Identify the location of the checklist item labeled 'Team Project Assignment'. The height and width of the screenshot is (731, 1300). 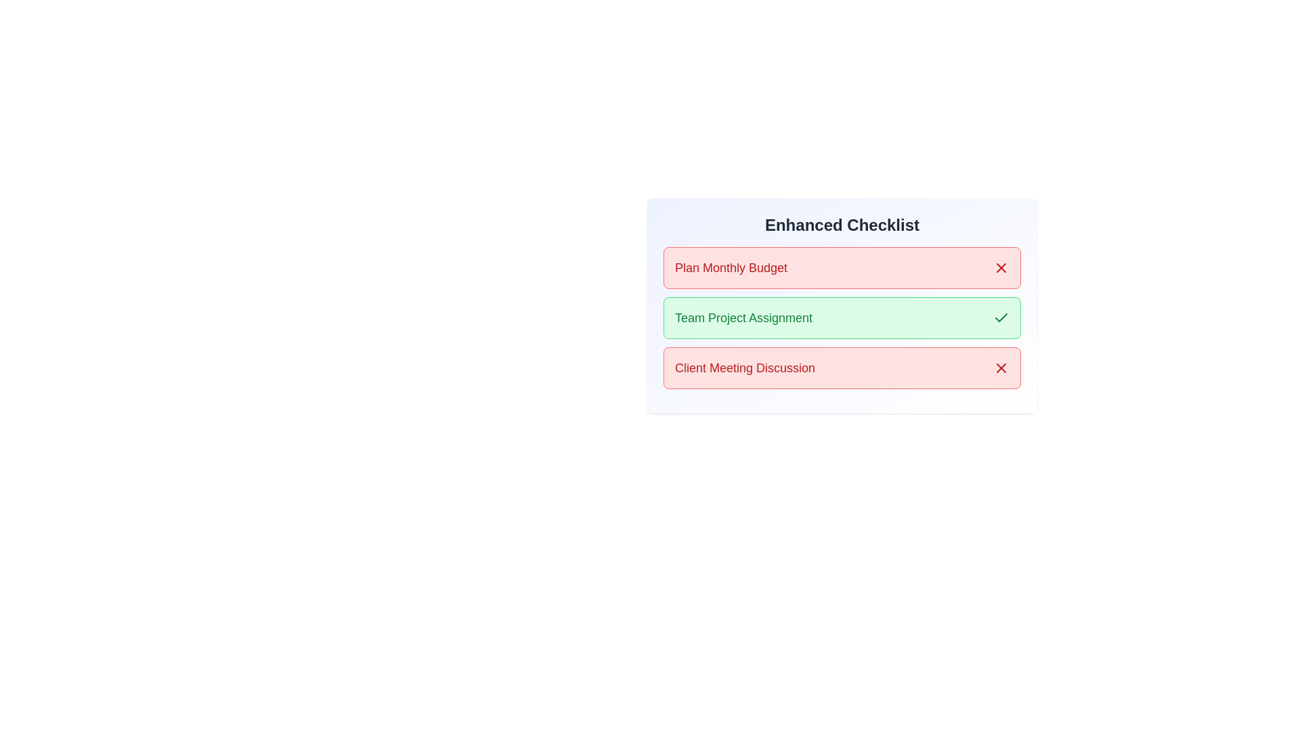
(841, 305).